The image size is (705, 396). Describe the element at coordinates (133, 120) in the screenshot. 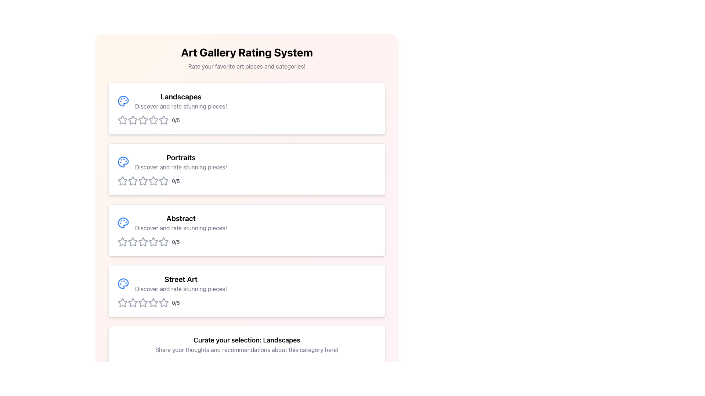

I see `the second star icon button in the rating section of the 'Landscapes' category card` at that location.